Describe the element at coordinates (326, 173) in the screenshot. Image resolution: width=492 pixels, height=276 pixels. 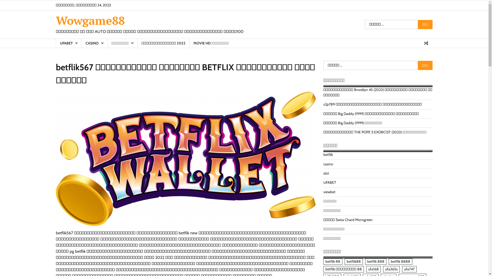
I see `'slot'` at that location.